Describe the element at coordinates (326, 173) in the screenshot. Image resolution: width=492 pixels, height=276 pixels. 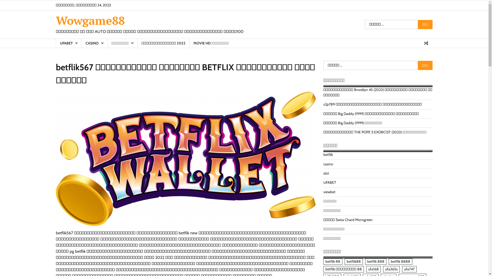
I see `'slot'` at that location.